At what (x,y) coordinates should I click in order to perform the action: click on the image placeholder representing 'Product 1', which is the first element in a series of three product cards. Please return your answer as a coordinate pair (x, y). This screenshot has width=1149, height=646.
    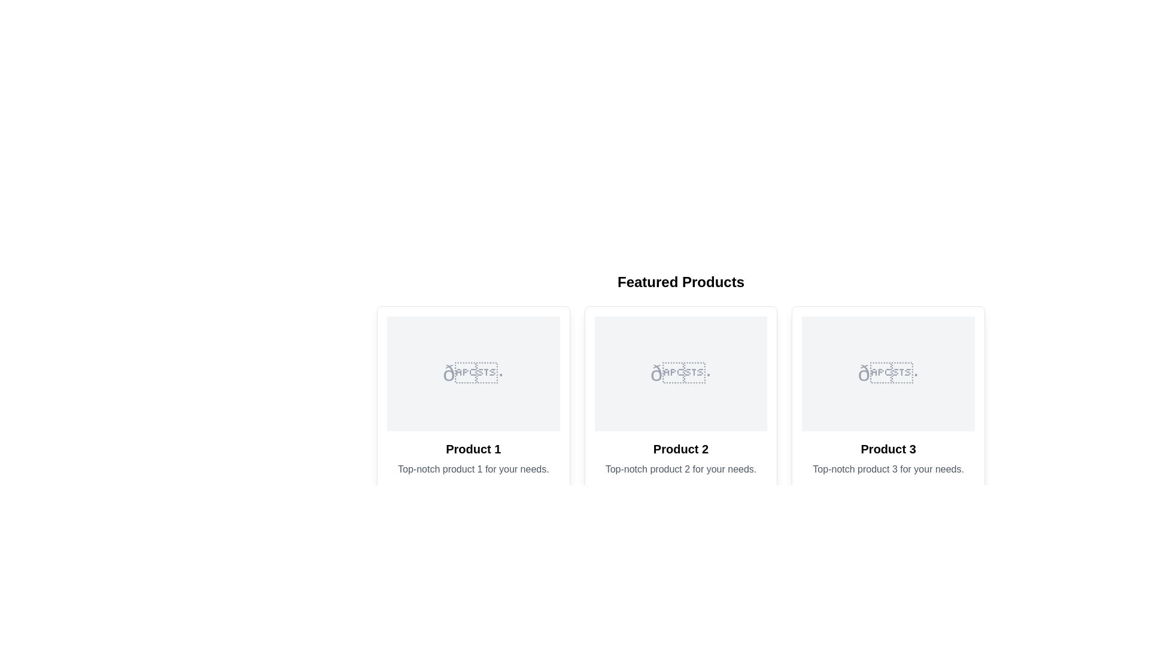
    Looking at the image, I should click on (473, 373).